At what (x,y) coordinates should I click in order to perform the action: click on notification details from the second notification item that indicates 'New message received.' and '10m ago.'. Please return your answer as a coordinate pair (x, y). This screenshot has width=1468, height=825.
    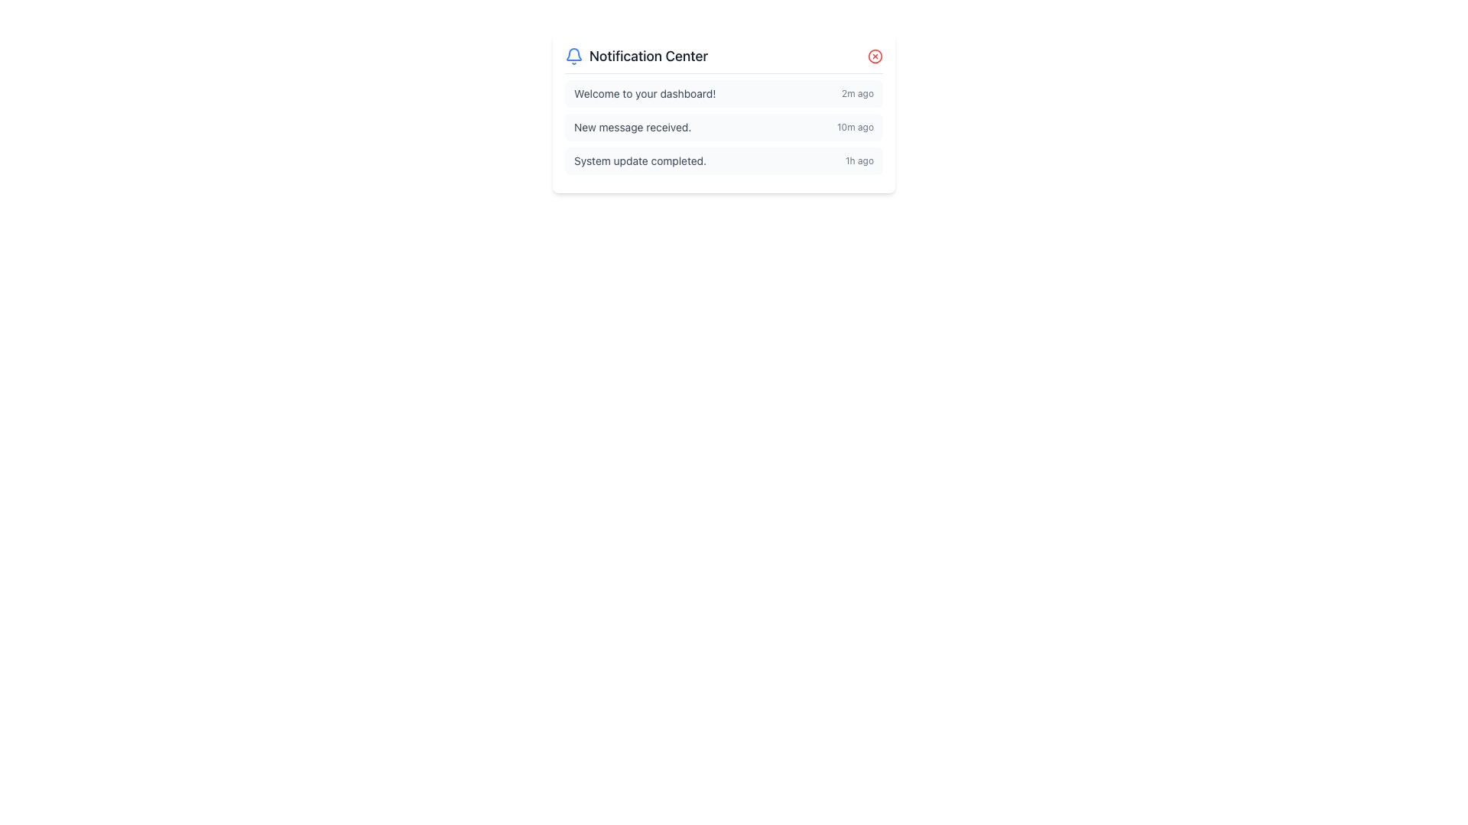
    Looking at the image, I should click on (723, 126).